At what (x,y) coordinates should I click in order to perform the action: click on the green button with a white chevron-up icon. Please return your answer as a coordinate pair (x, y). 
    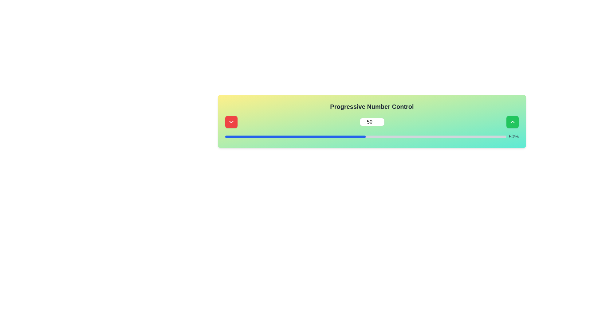
    Looking at the image, I should click on (513, 122).